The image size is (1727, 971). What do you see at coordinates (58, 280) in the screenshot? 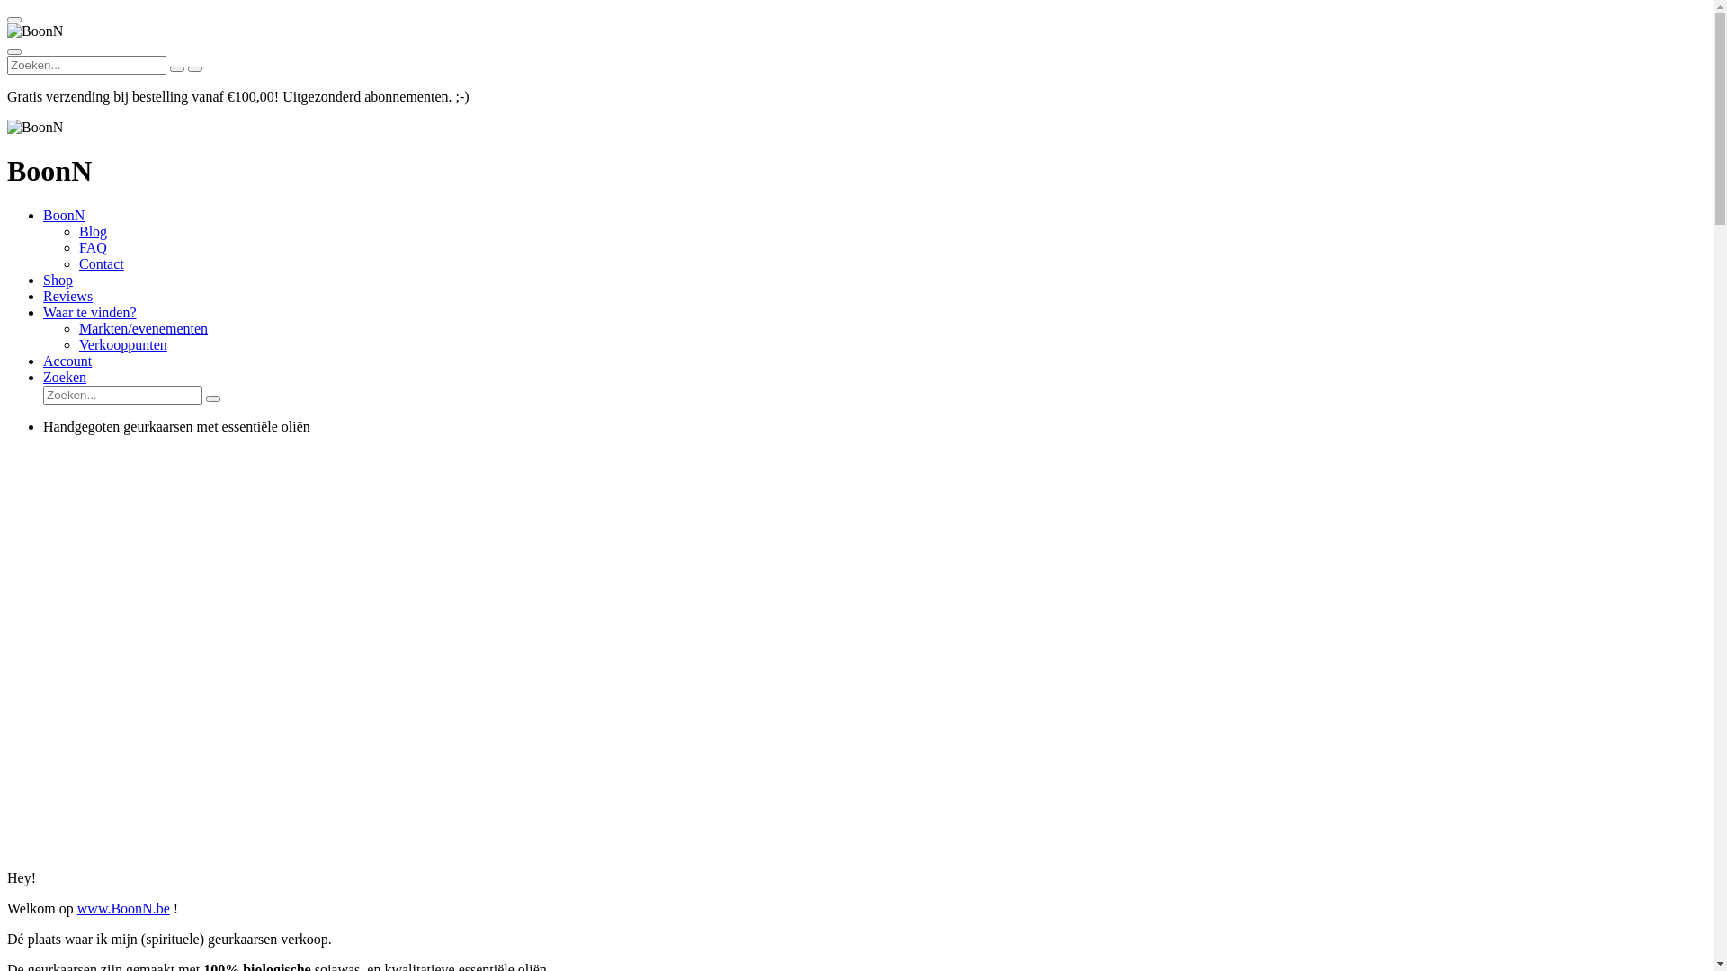
I see `'Shop'` at bounding box center [58, 280].